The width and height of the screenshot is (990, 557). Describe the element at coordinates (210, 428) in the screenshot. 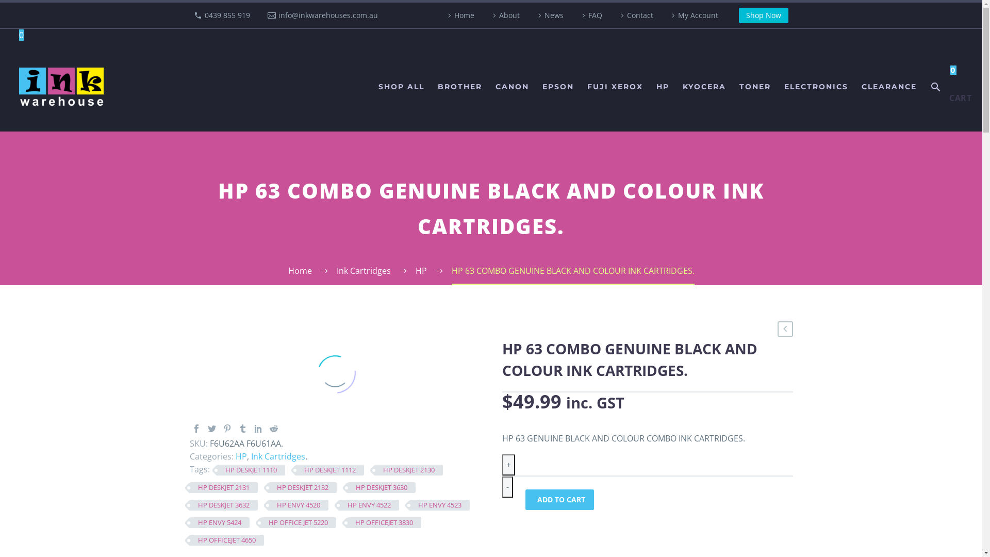

I see `'Twitter'` at that location.